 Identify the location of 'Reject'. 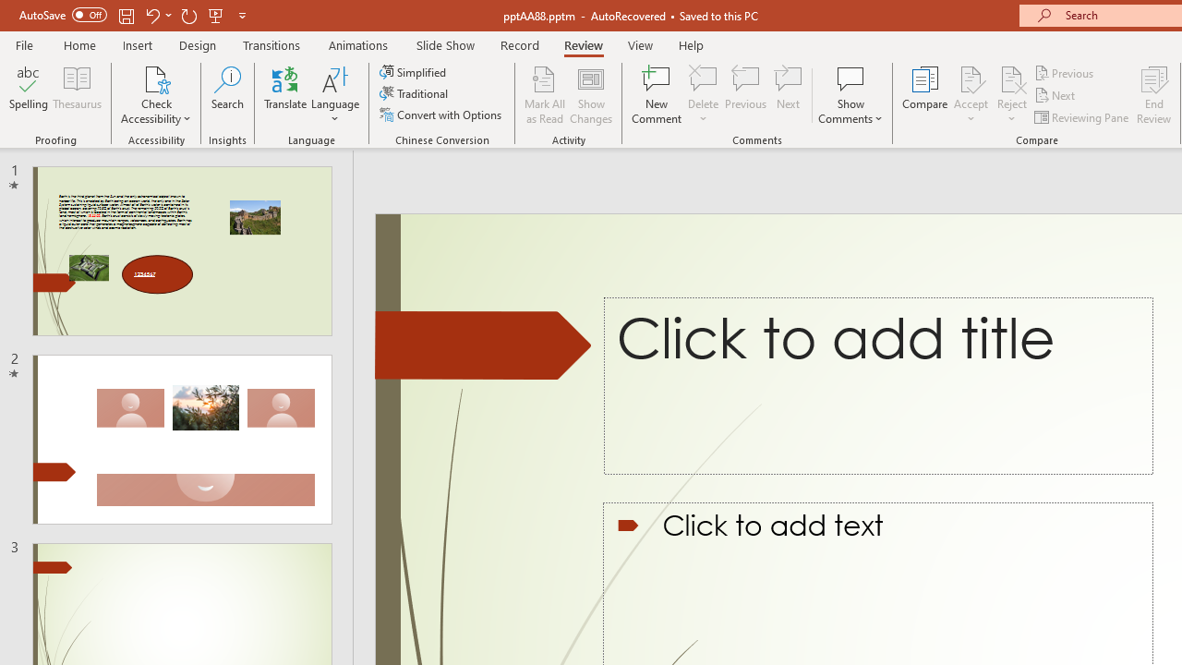
(1011, 95).